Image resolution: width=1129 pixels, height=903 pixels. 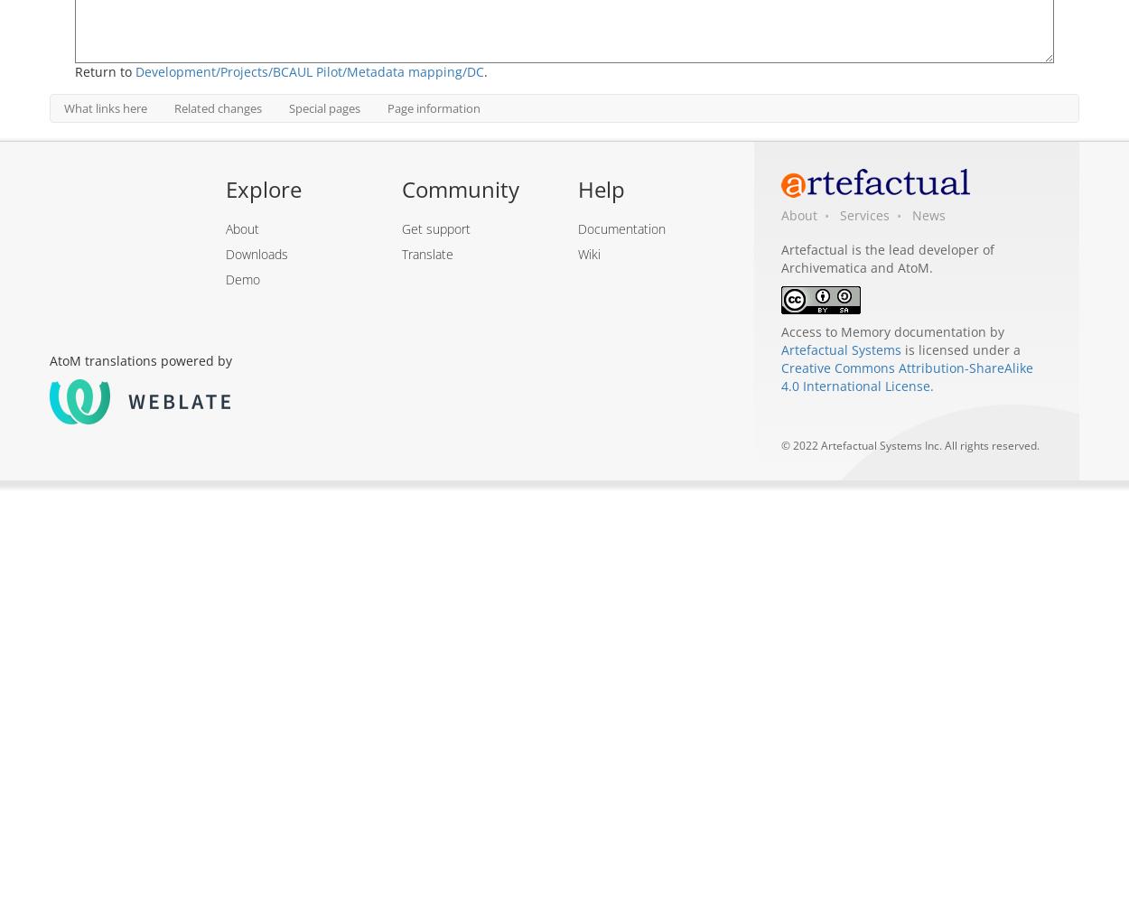 What do you see at coordinates (994, 330) in the screenshot?
I see `'by'` at bounding box center [994, 330].